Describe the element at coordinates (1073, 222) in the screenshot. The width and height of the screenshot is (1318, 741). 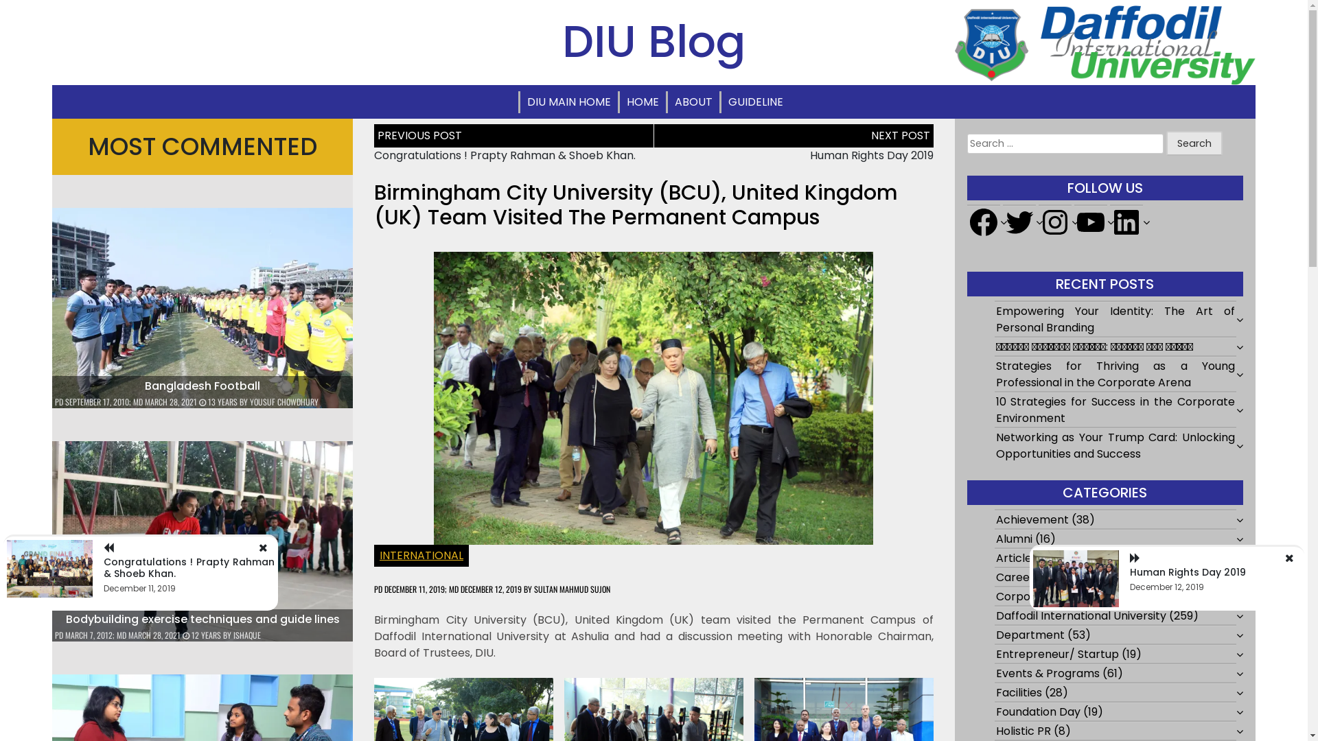
I see `'YouTube'` at that location.